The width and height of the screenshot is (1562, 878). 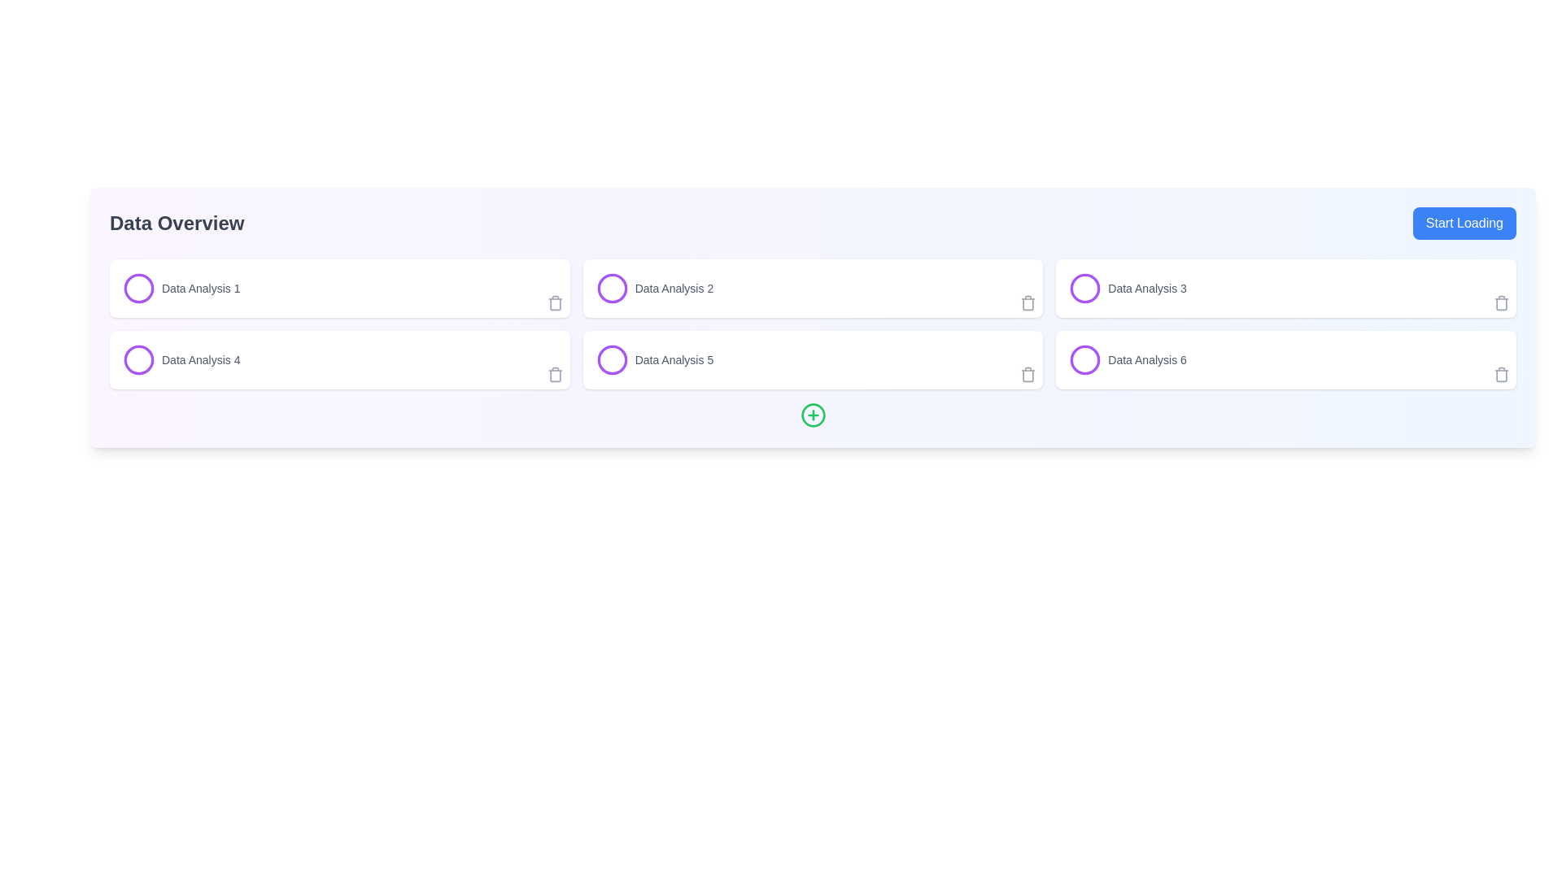 What do you see at coordinates (139, 359) in the screenshot?
I see `the unfilled circular icon with a purple stroke located in the second row of the 'Data Overview' section within the 'Data Analysis 4' interface box` at bounding box center [139, 359].